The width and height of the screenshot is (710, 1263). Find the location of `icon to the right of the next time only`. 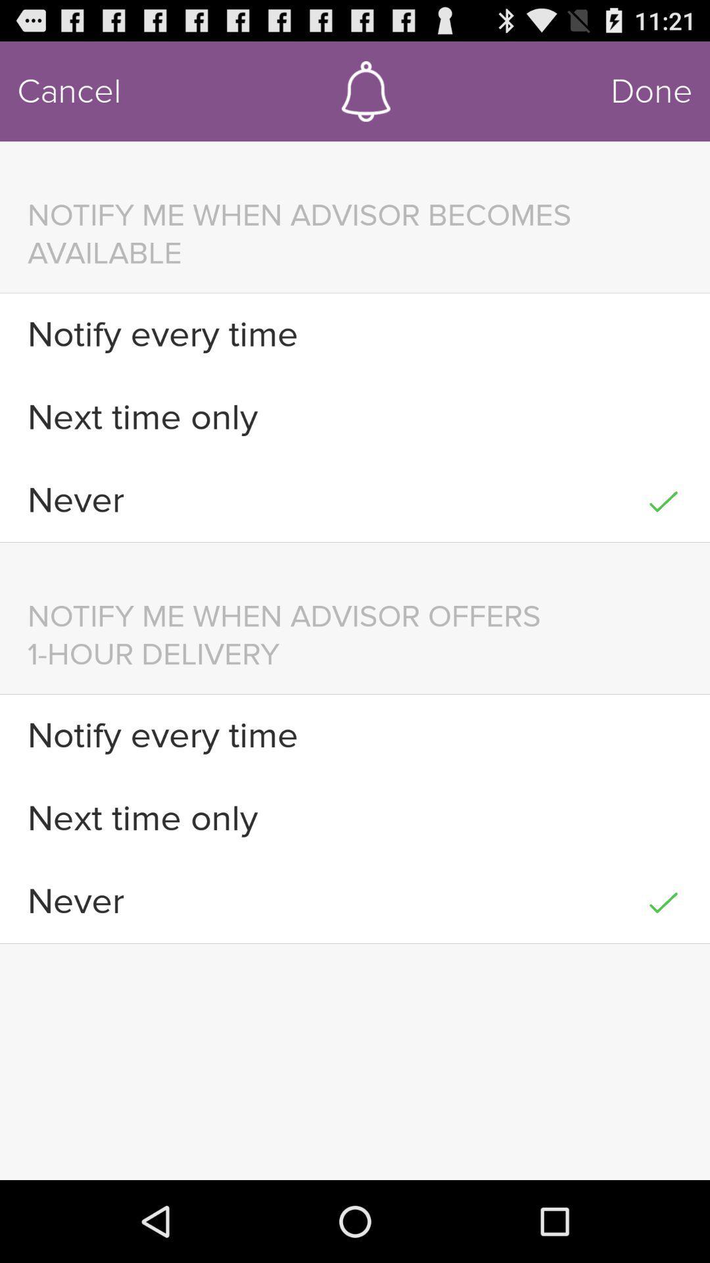

icon to the right of the next time only is located at coordinates (663, 416).